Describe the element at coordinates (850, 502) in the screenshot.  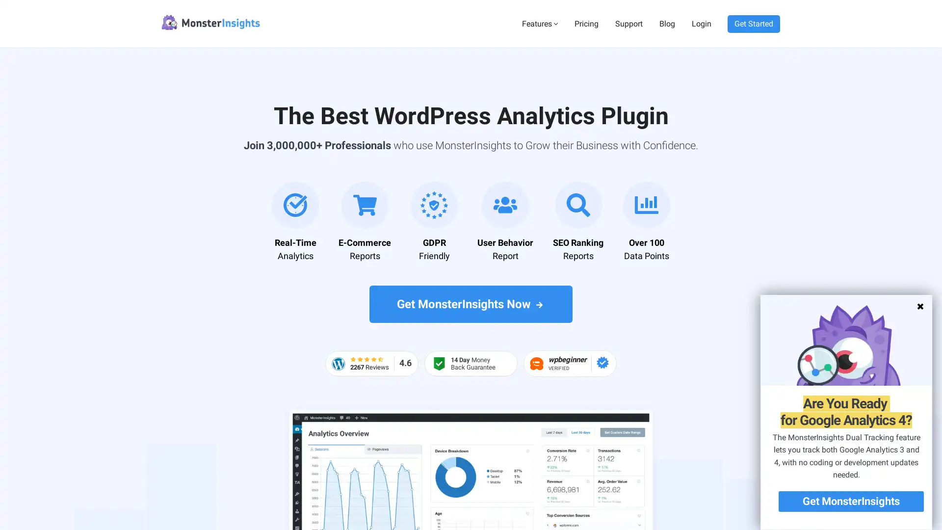
I see `Get MonsterInsights` at that location.